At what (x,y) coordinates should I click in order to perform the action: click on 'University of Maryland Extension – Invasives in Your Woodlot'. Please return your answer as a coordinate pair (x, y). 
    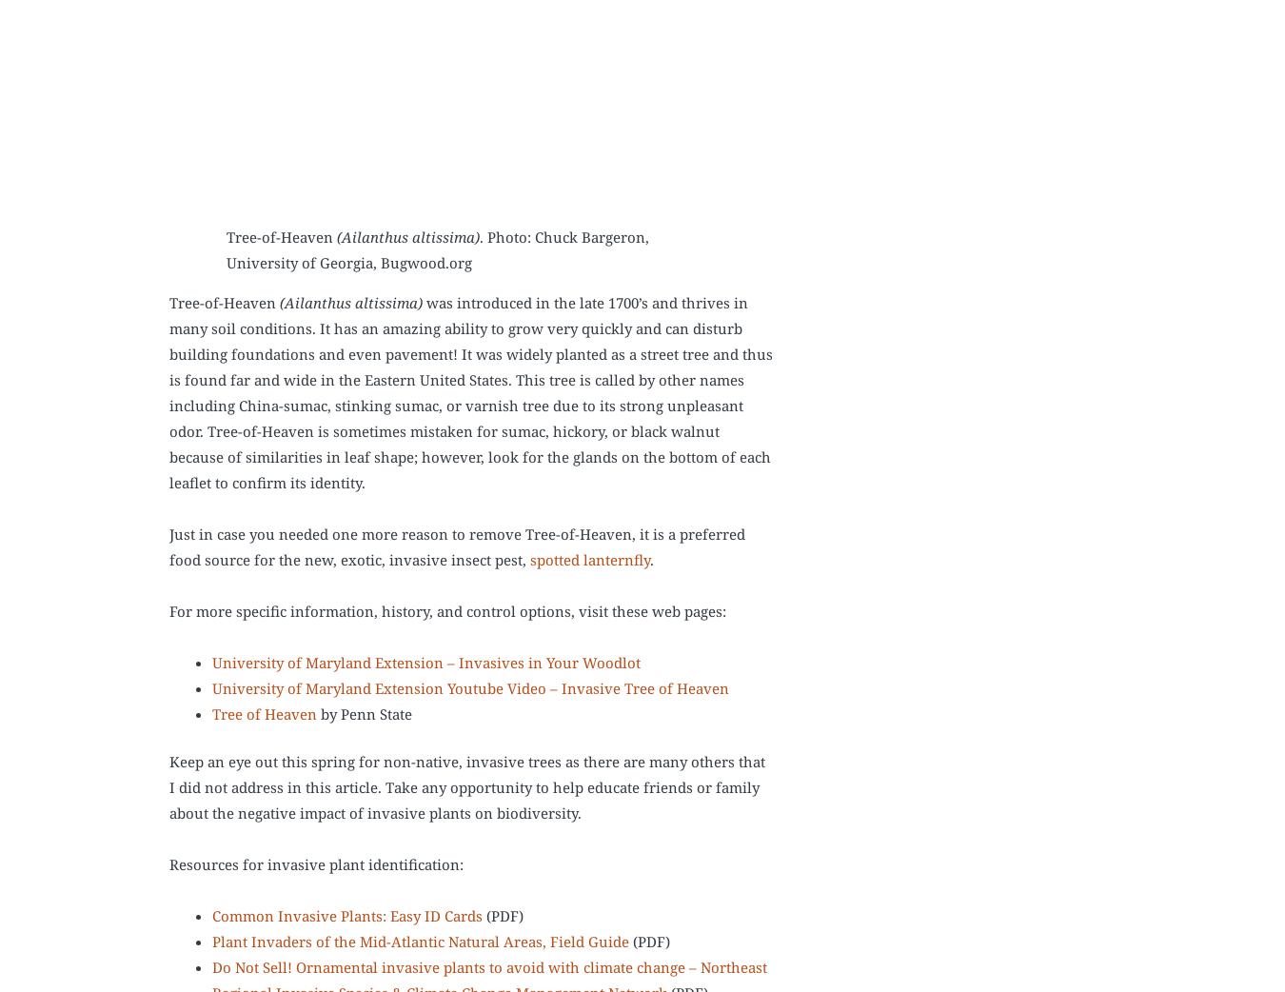
    Looking at the image, I should click on (212, 662).